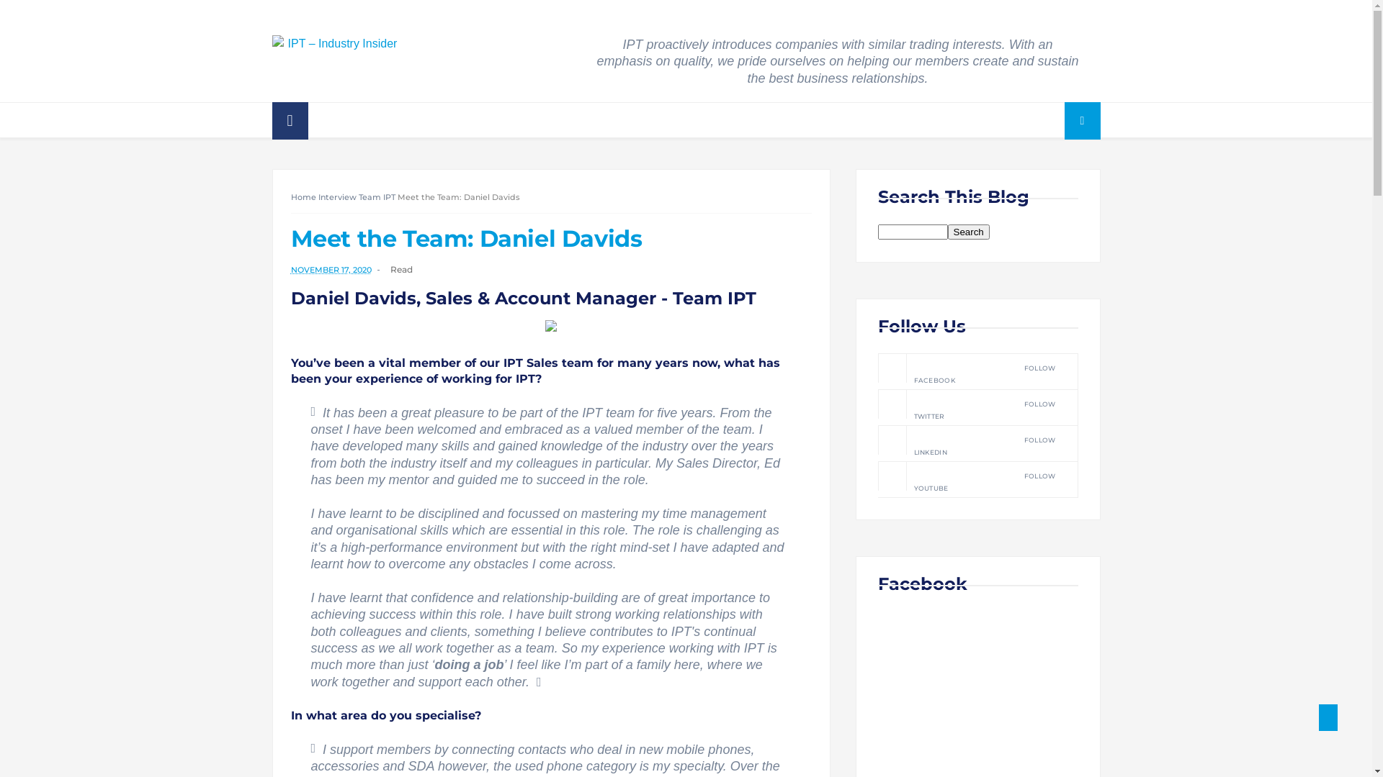 This screenshot has height=777, width=1383. Describe the element at coordinates (1327, 717) in the screenshot. I see `'Back to Top'` at that location.